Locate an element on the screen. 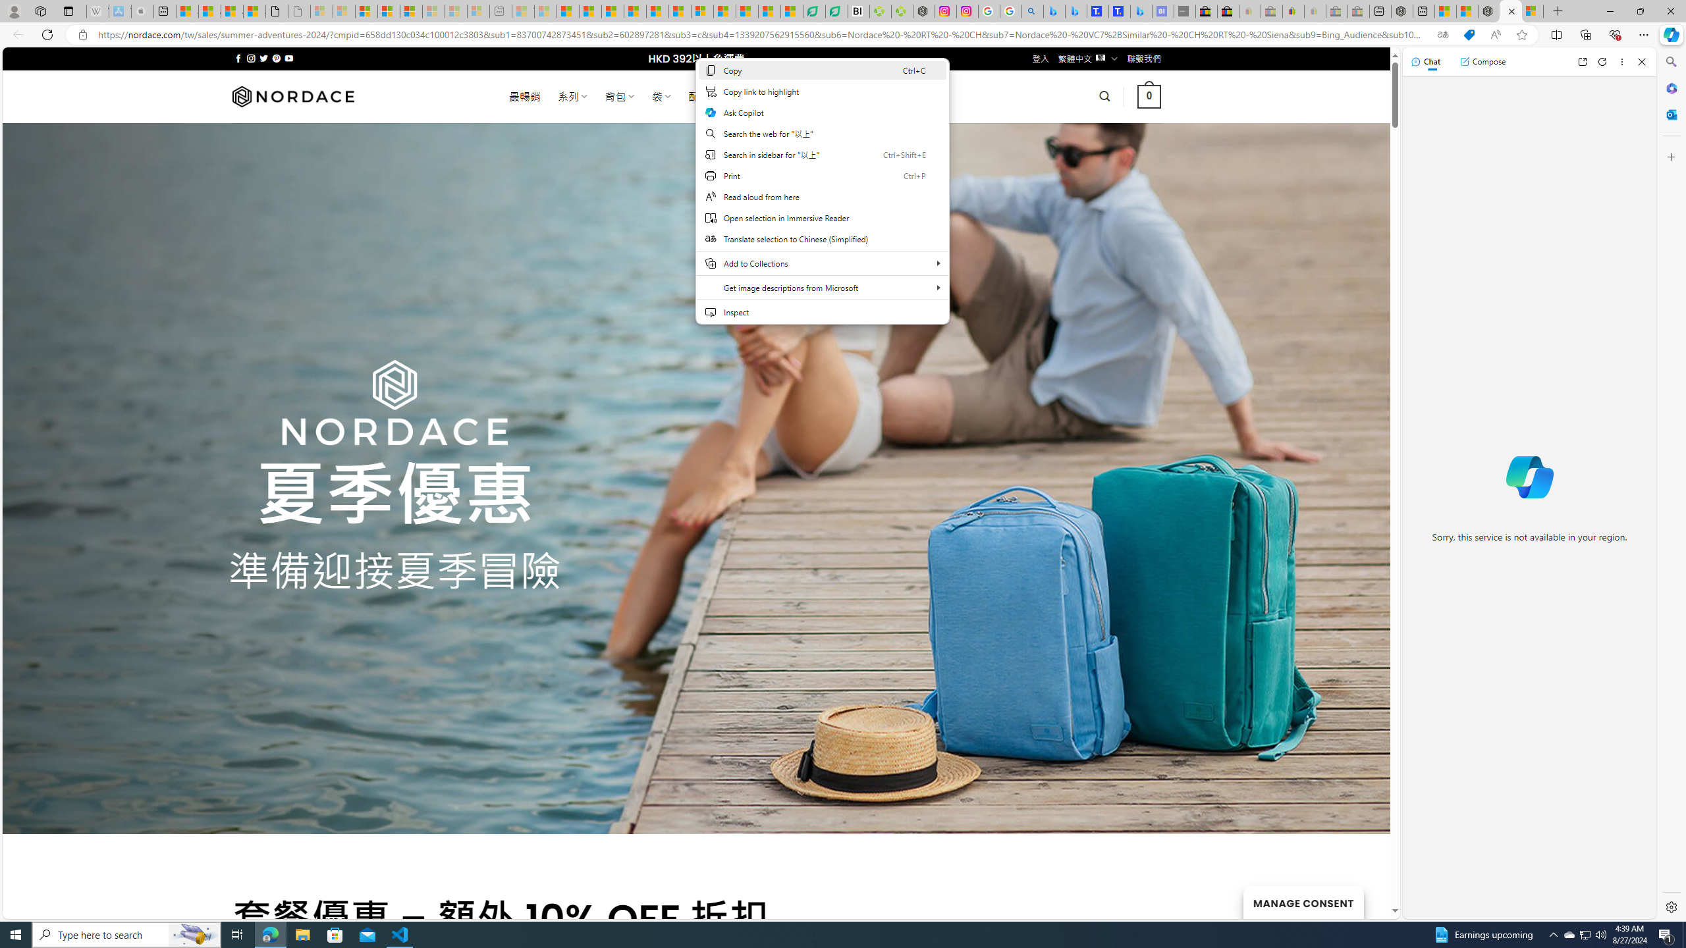 This screenshot has height=948, width=1686. 'Follow on Instagram' is located at coordinates (250, 58).